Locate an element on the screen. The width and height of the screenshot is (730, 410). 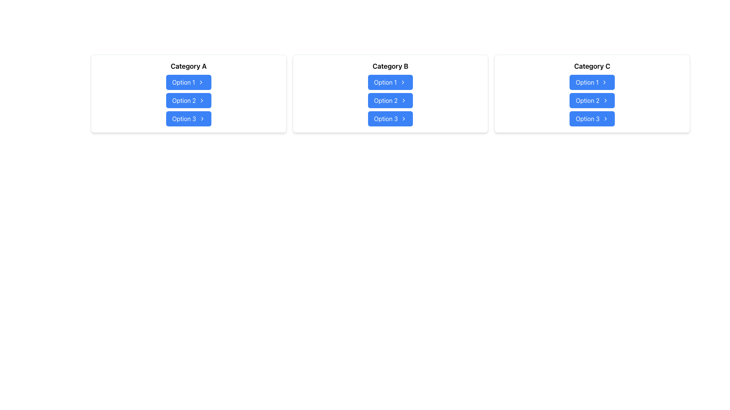
keyboard navigation is located at coordinates (390, 118).